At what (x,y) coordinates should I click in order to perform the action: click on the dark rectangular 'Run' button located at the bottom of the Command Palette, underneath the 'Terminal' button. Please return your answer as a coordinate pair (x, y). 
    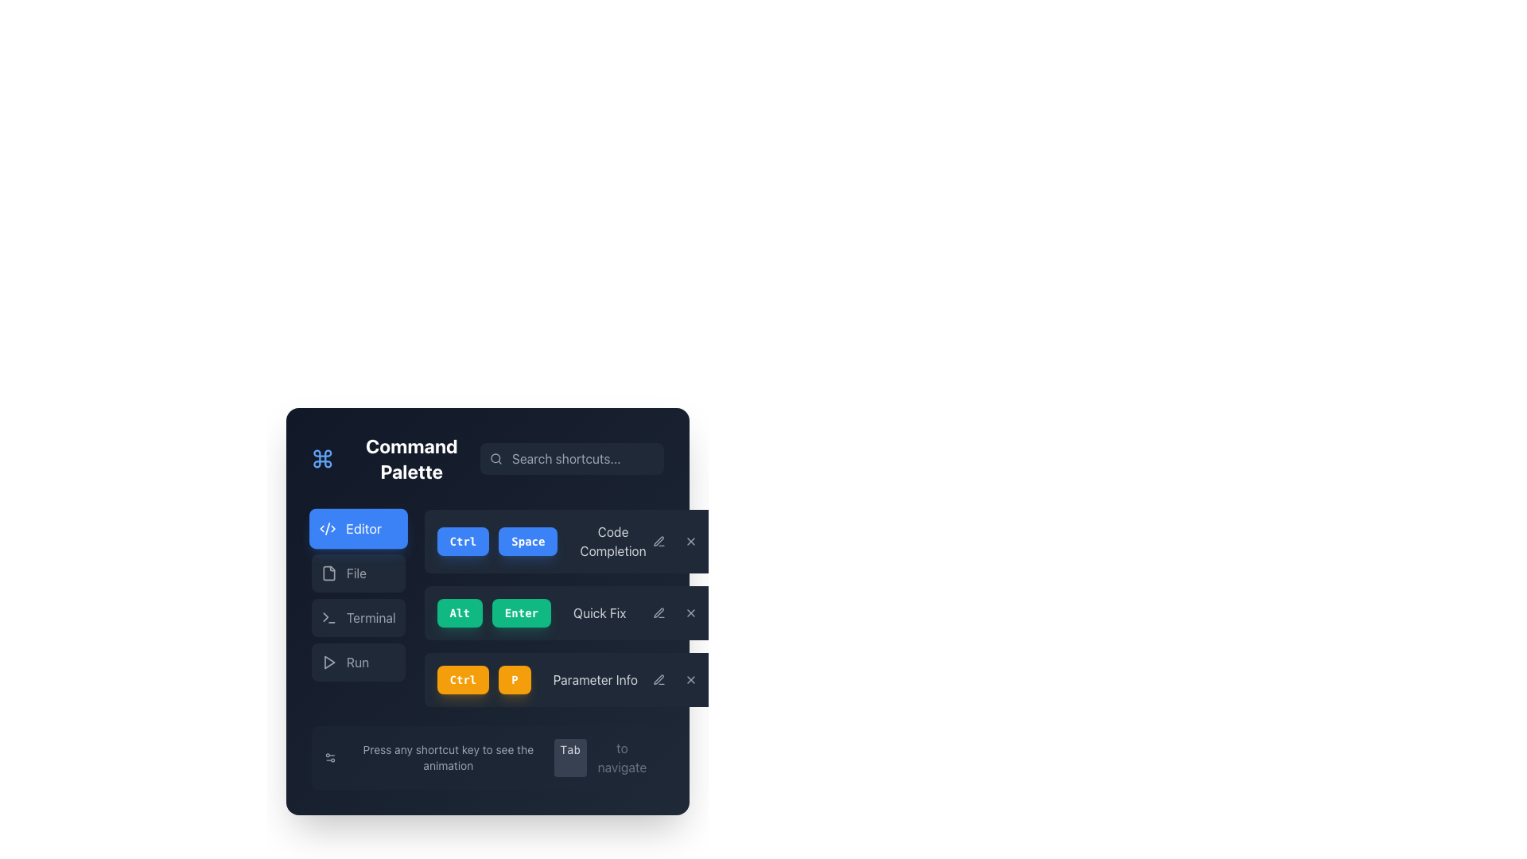
    Looking at the image, I should click on (357, 663).